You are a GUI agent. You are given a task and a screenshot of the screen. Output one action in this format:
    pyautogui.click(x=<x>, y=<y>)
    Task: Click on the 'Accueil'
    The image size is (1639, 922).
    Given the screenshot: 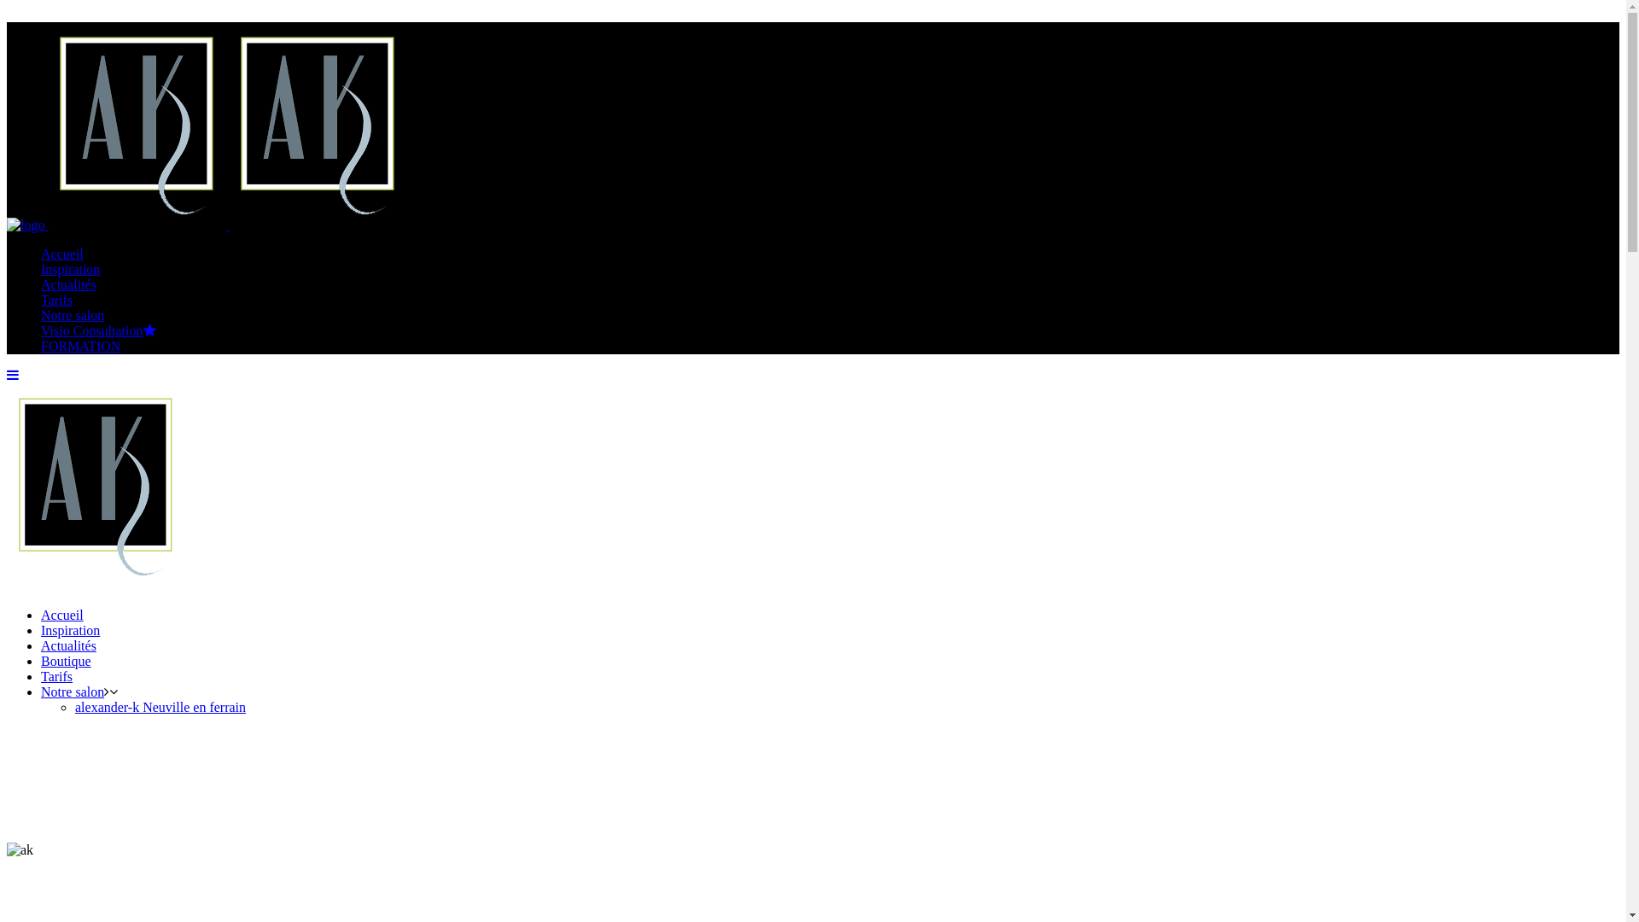 What is the action you would take?
    pyautogui.click(x=61, y=615)
    